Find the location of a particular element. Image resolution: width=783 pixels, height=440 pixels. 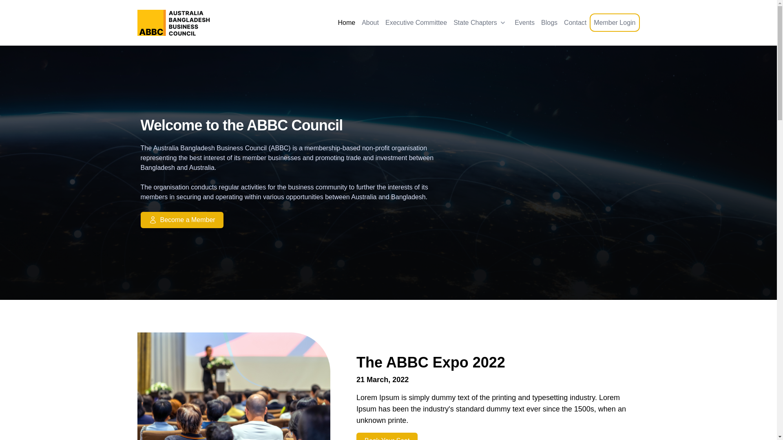

'Contact' is located at coordinates (575, 22).